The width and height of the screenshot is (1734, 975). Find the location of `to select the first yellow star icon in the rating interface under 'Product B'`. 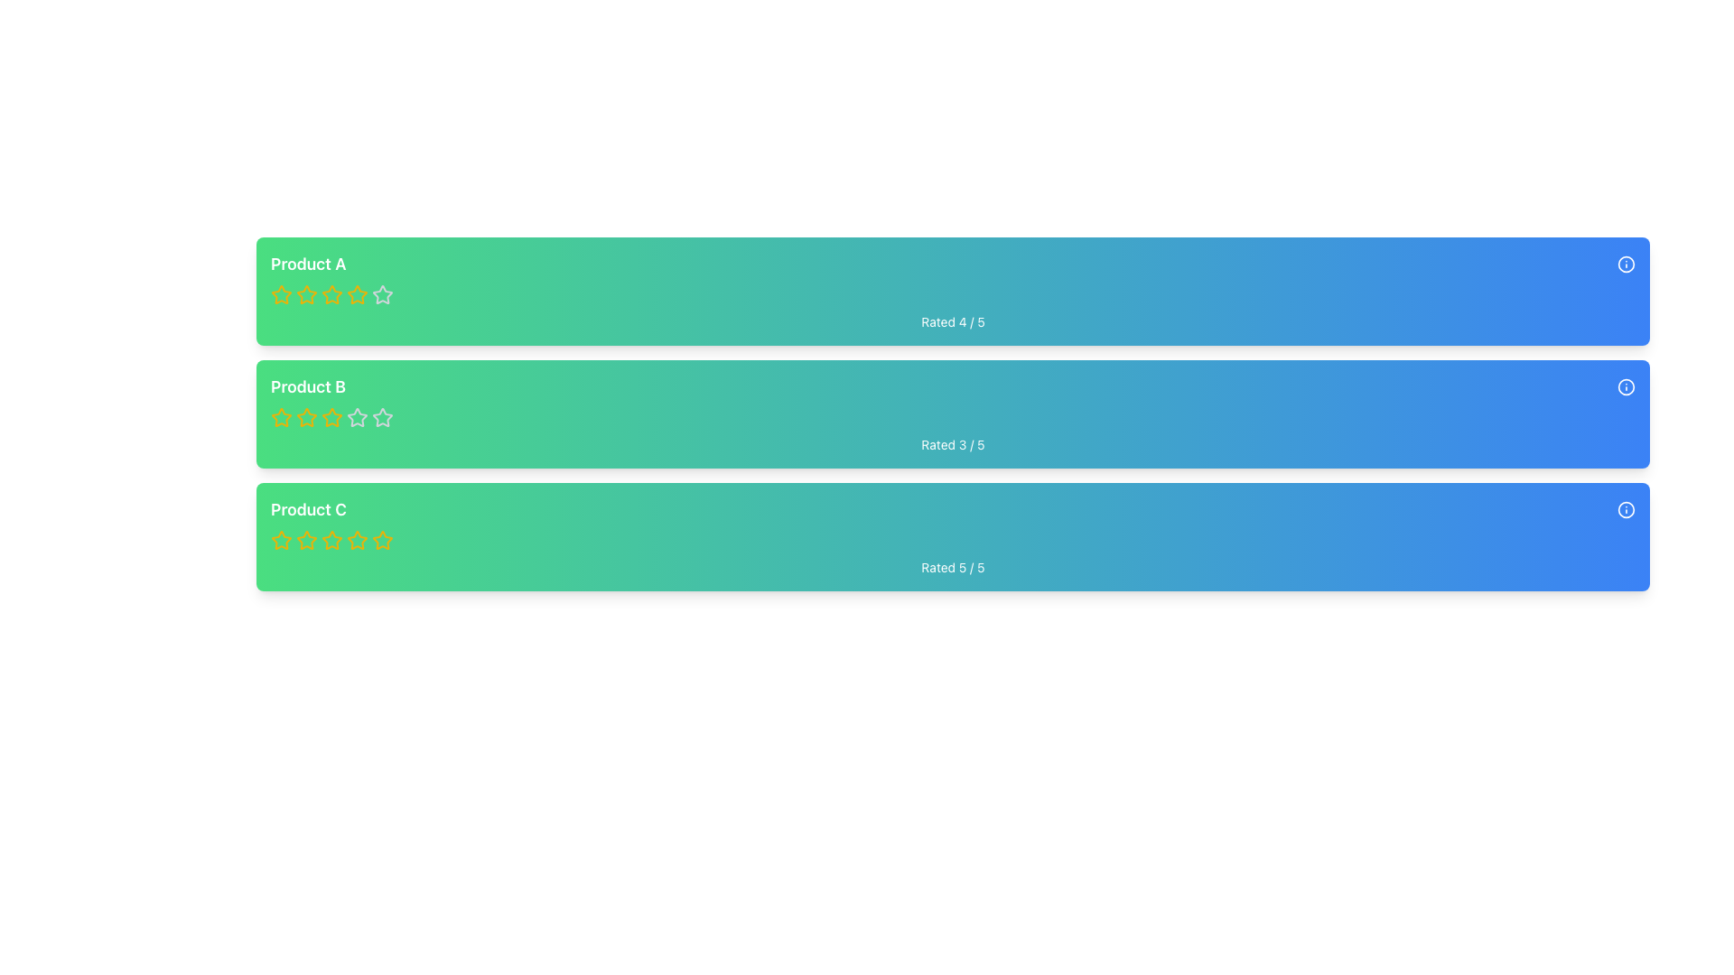

to select the first yellow star icon in the rating interface under 'Product B' is located at coordinates (281, 417).